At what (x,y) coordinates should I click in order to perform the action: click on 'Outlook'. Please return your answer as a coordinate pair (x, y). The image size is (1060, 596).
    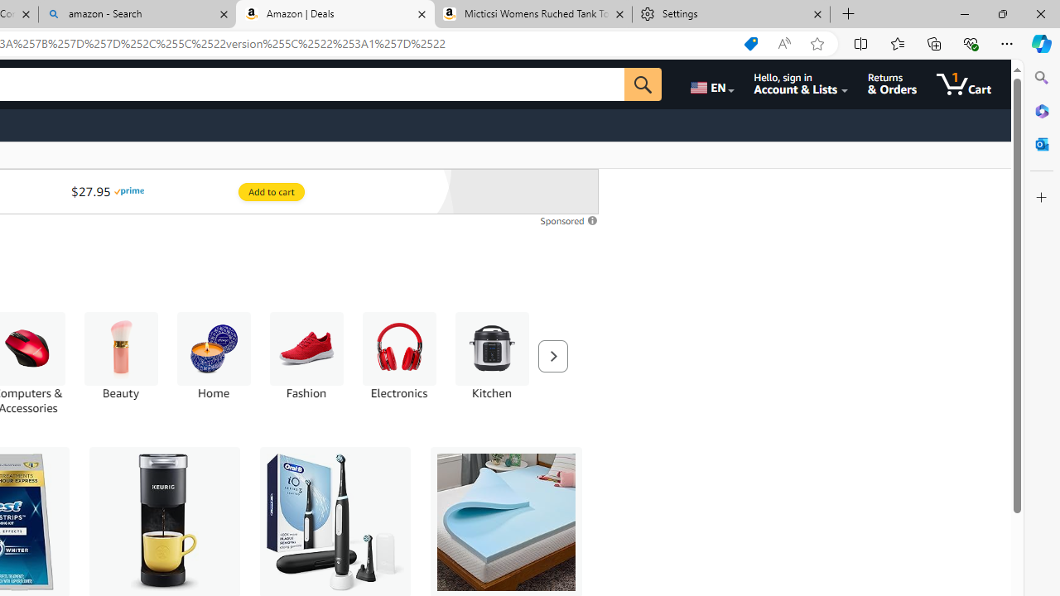
    Looking at the image, I should click on (1041, 143).